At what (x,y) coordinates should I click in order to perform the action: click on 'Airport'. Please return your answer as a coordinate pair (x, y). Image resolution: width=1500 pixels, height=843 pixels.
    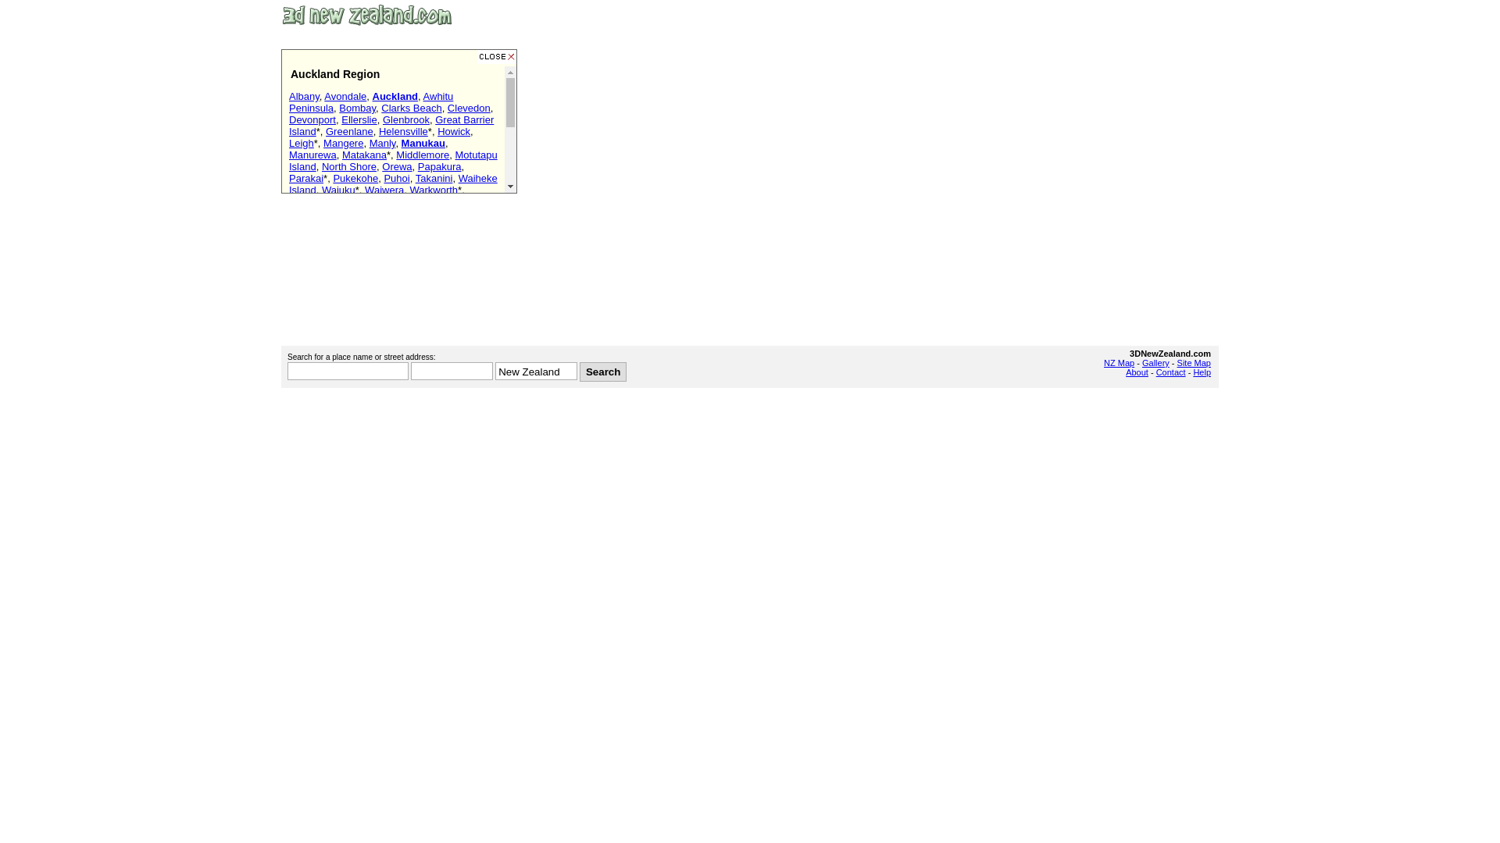
    Looking at the image, I should click on (288, 225).